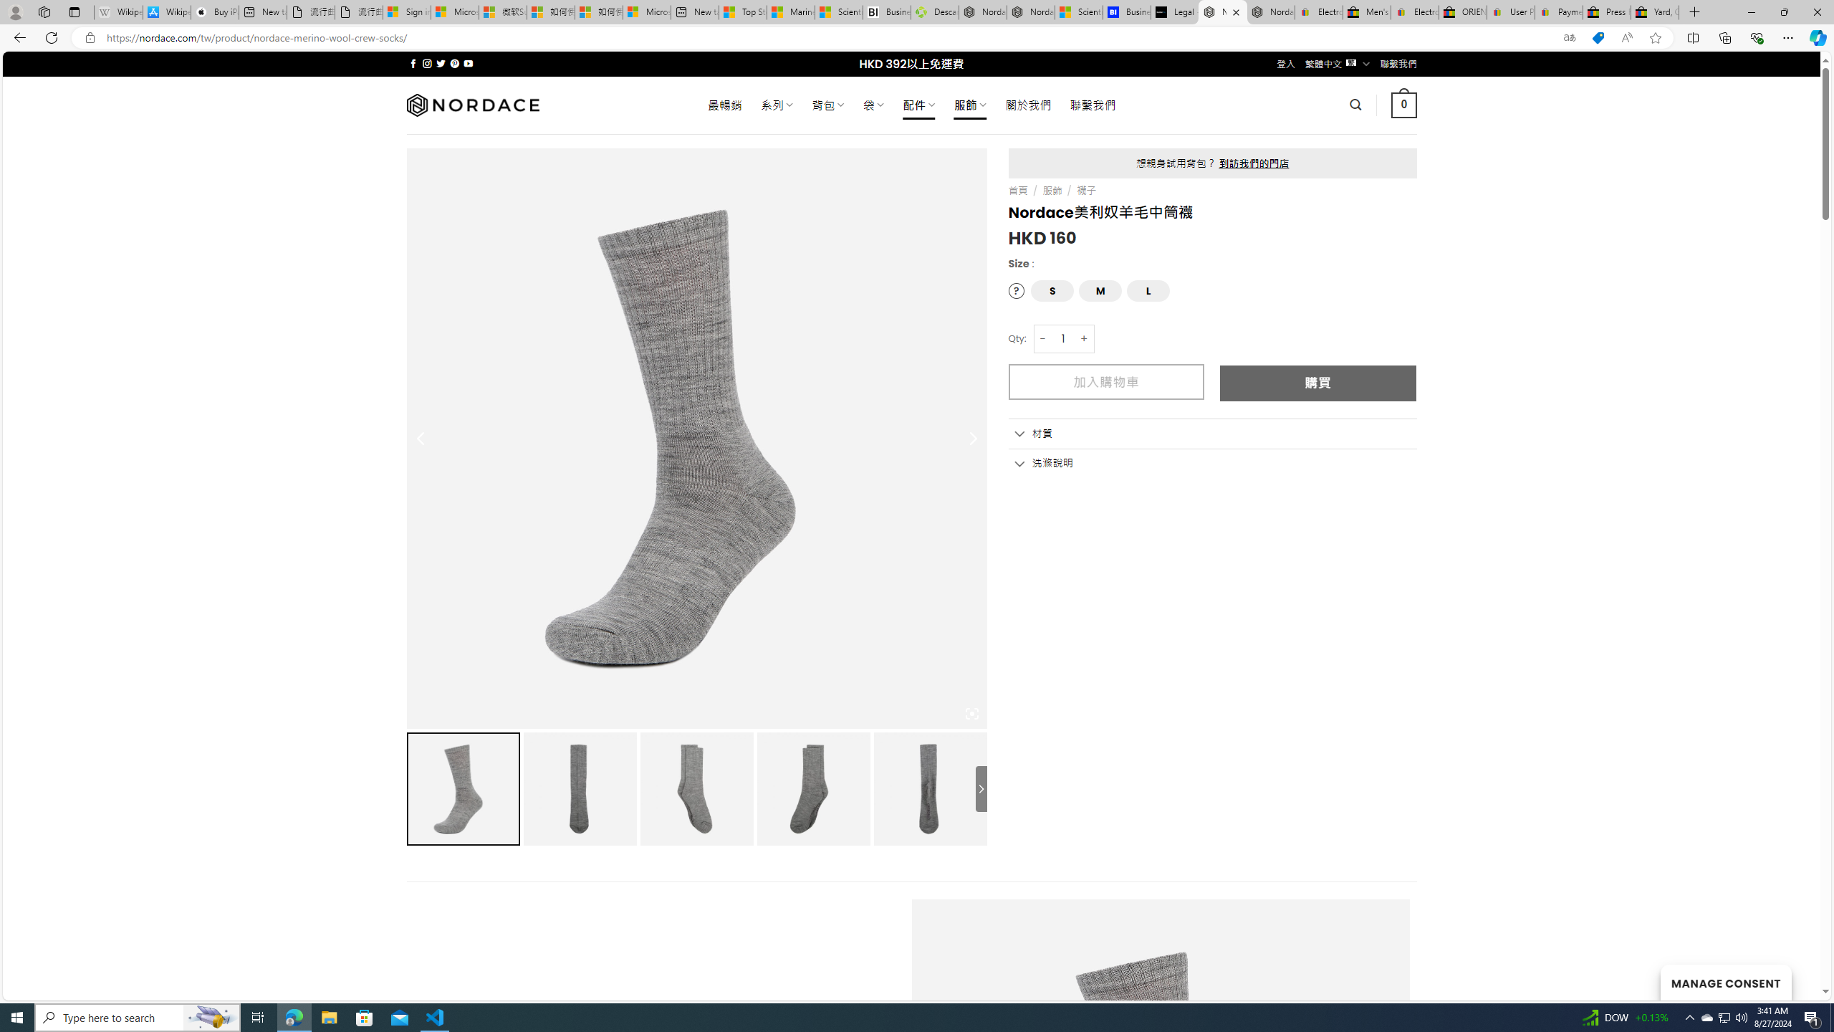 The image size is (1834, 1032). What do you see at coordinates (413, 63) in the screenshot?
I see `'Follow on Facebook'` at bounding box center [413, 63].